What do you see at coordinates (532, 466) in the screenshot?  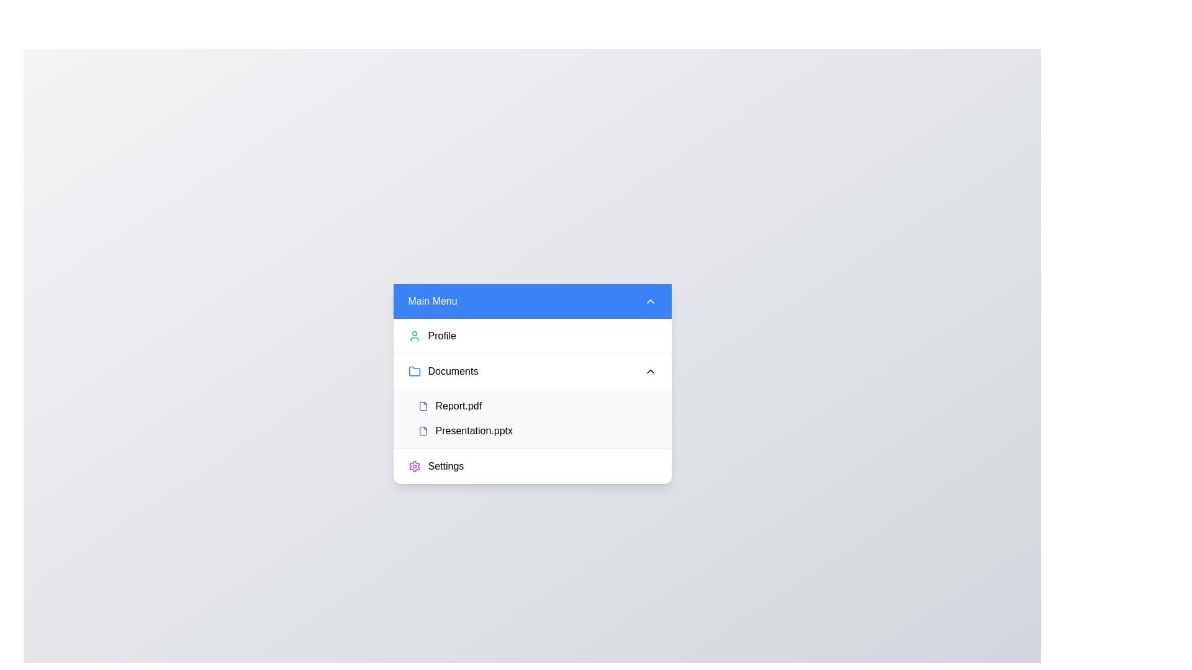 I see `the 'Settings' button, which is the last item in a vertical list and is located beneath the 'Presentation.pptx' item` at bounding box center [532, 466].